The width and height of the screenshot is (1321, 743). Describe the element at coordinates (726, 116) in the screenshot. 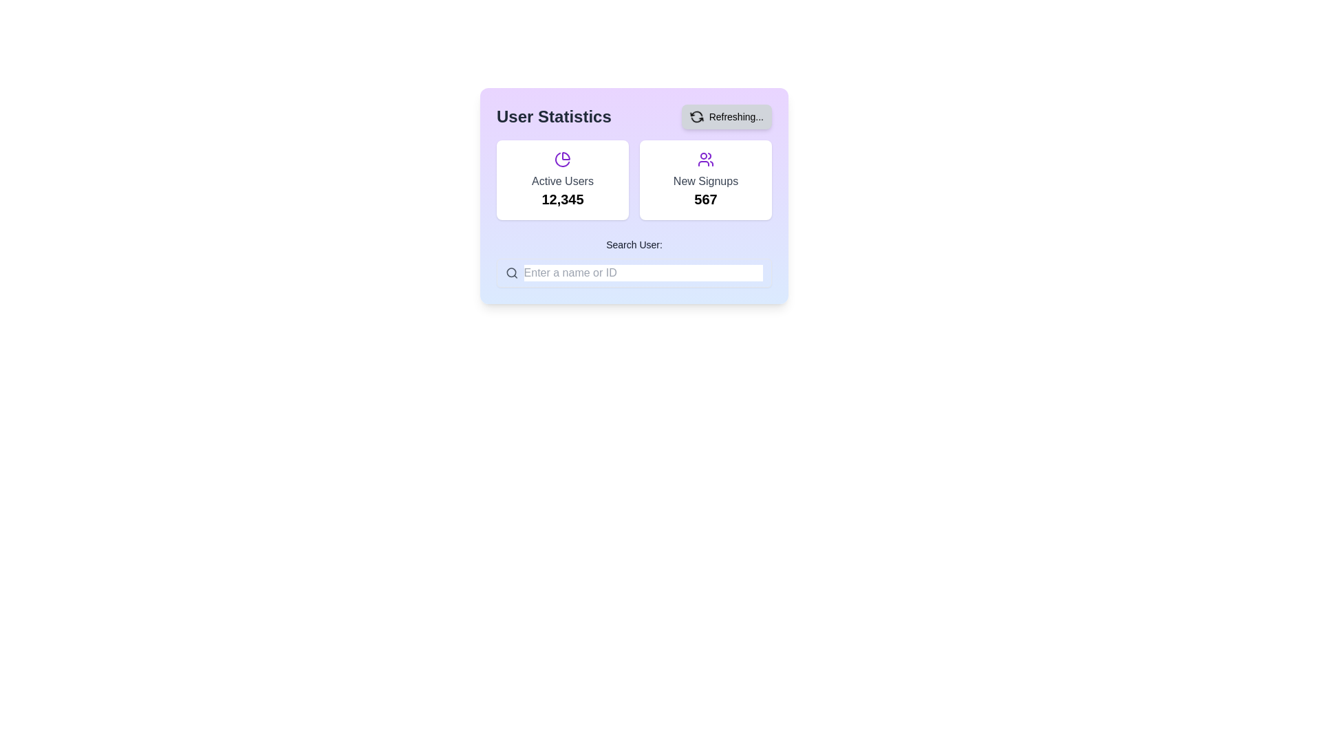

I see `the refresh button located in the top-right corner of the 'User Statistics' panel` at that location.